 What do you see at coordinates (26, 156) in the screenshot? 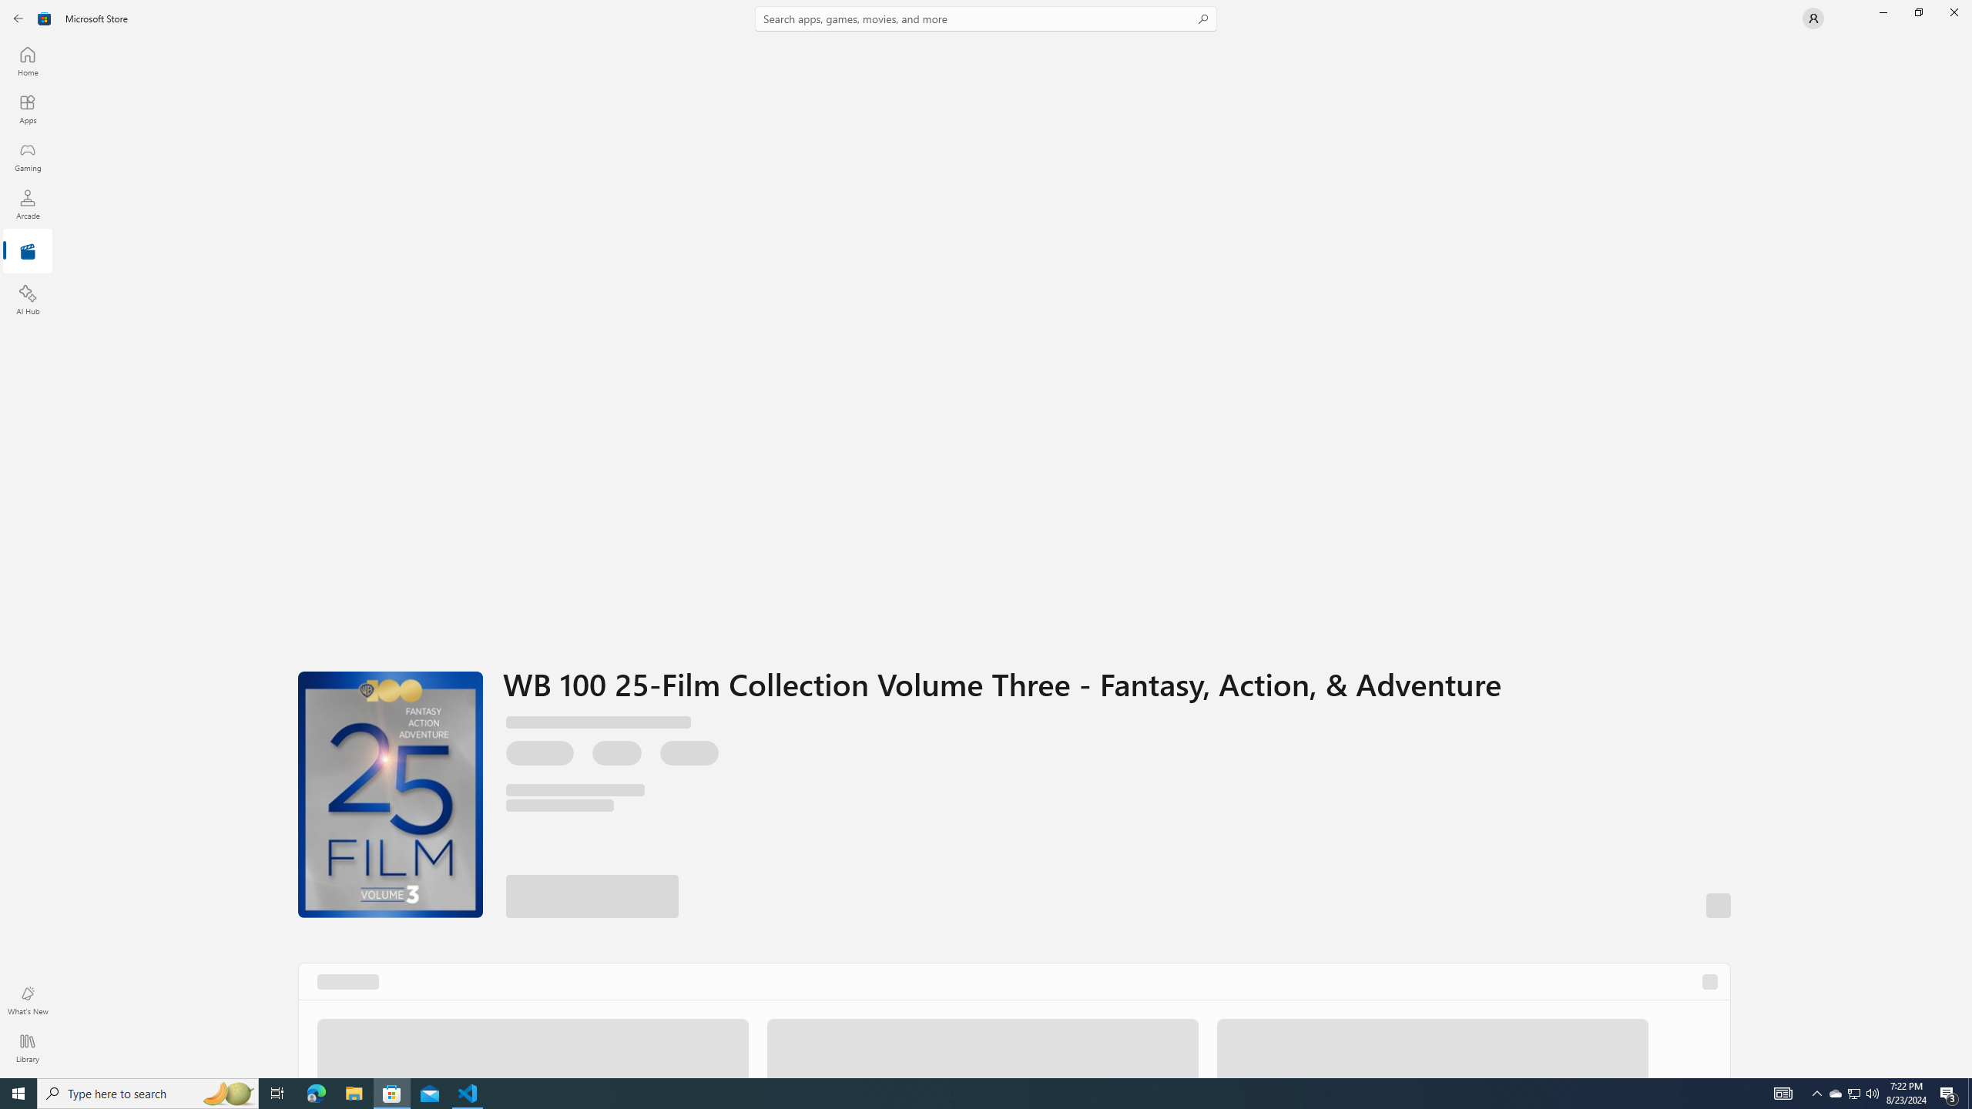
I see `'Gaming'` at bounding box center [26, 156].